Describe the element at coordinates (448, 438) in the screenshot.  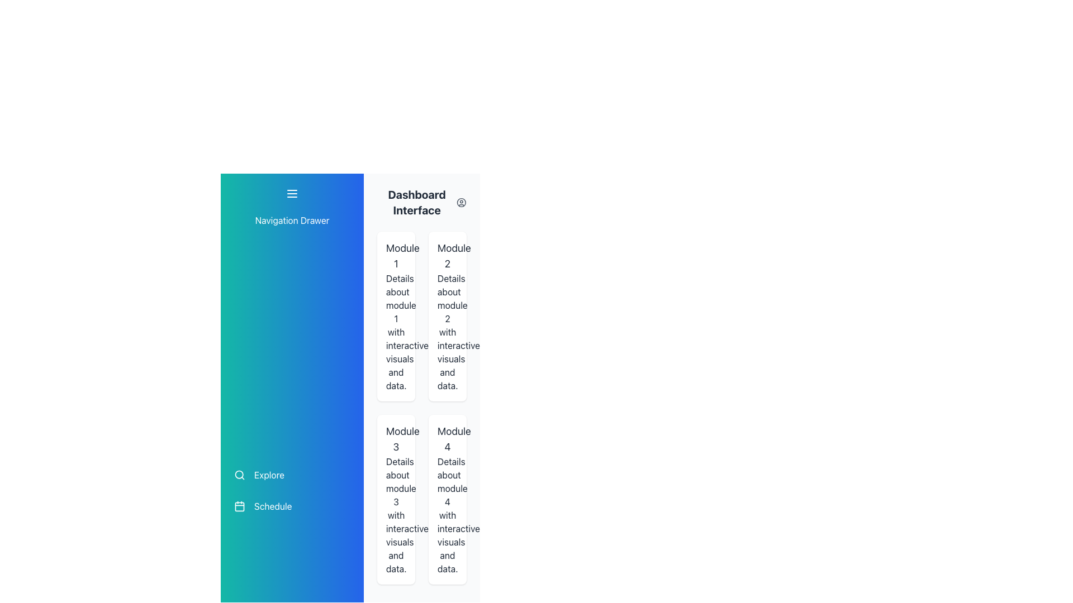
I see `text label displaying 'Module 4' located in the fourth module card from the top on the right-hand section of the interface` at that location.